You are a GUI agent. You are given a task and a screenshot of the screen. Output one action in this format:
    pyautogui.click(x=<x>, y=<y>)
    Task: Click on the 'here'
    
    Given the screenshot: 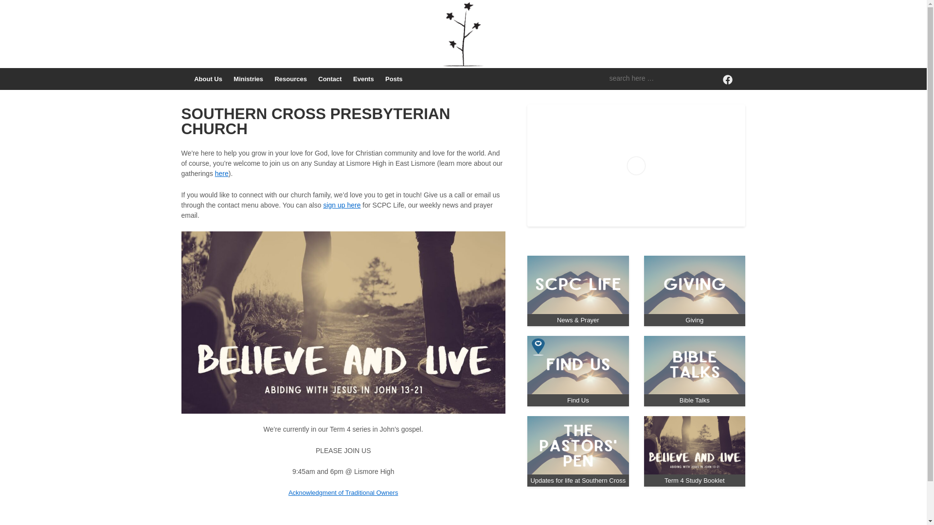 What is the action you would take?
    pyautogui.click(x=221, y=173)
    